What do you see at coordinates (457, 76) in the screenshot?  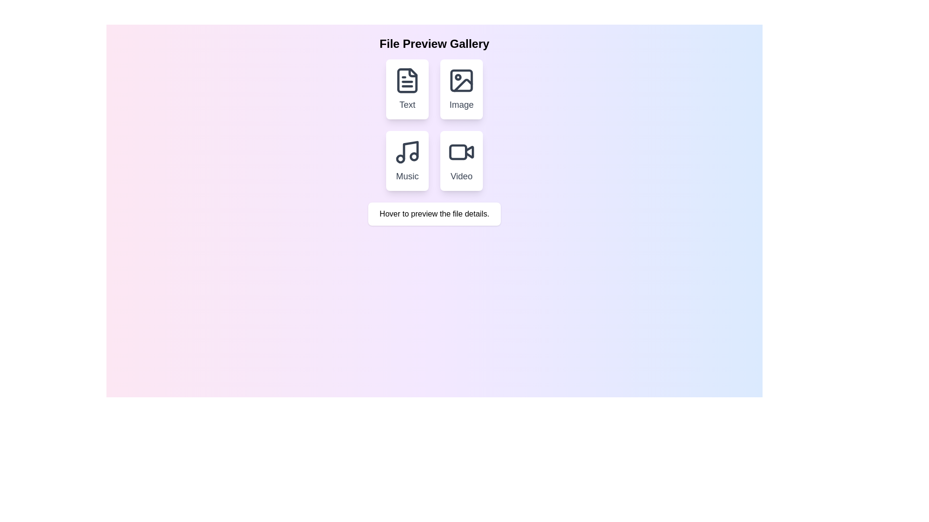 I see `the small circle located in the top-right quadrant of the image icon, which features an outline of a picture with a mountain motif` at bounding box center [457, 76].